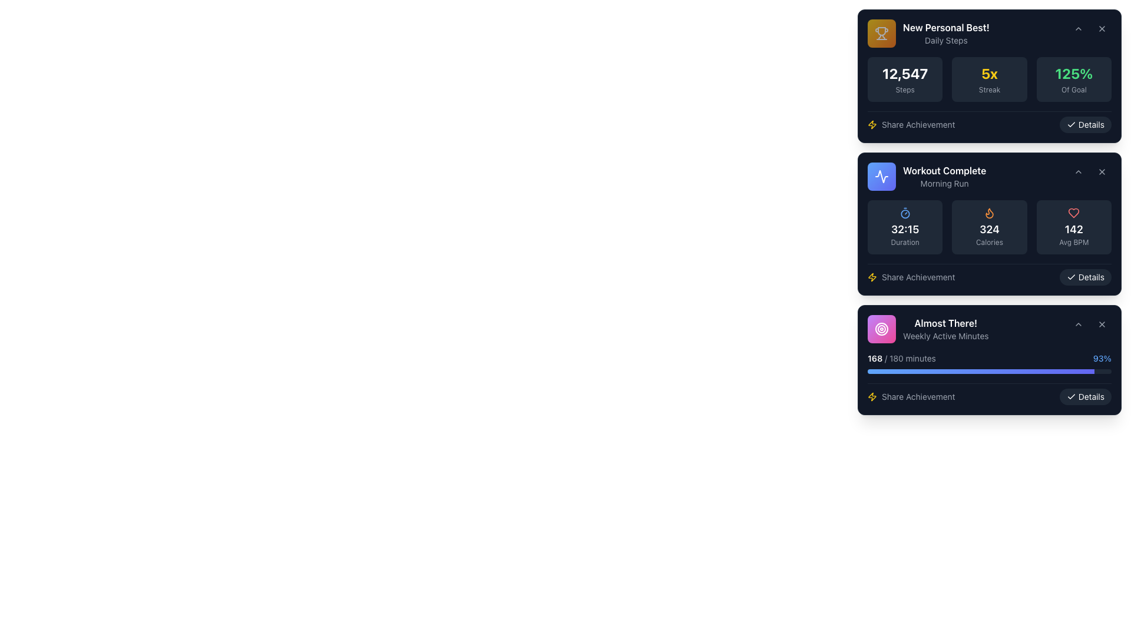  Describe the element at coordinates (990, 227) in the screenshot. I see `the Informational Card displaying '324 calories' for more details, located in the 'Workout Complete' section between '32:15 Duration' and '142 Avg BPM'` at that location.